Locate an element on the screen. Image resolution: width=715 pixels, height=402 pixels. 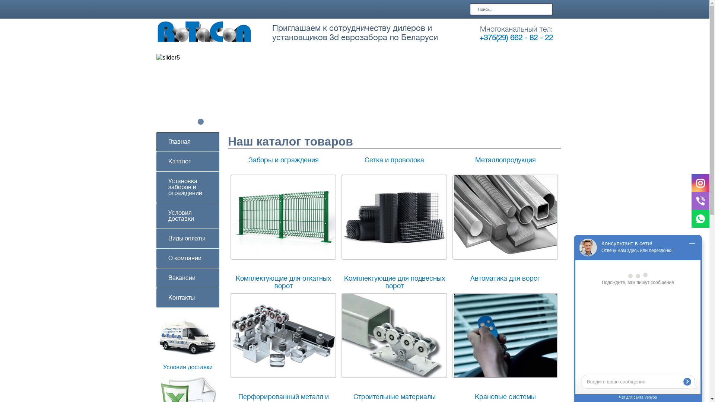
'+375(29) 662 - 82 - 22' is located at coordinates (515, 38).